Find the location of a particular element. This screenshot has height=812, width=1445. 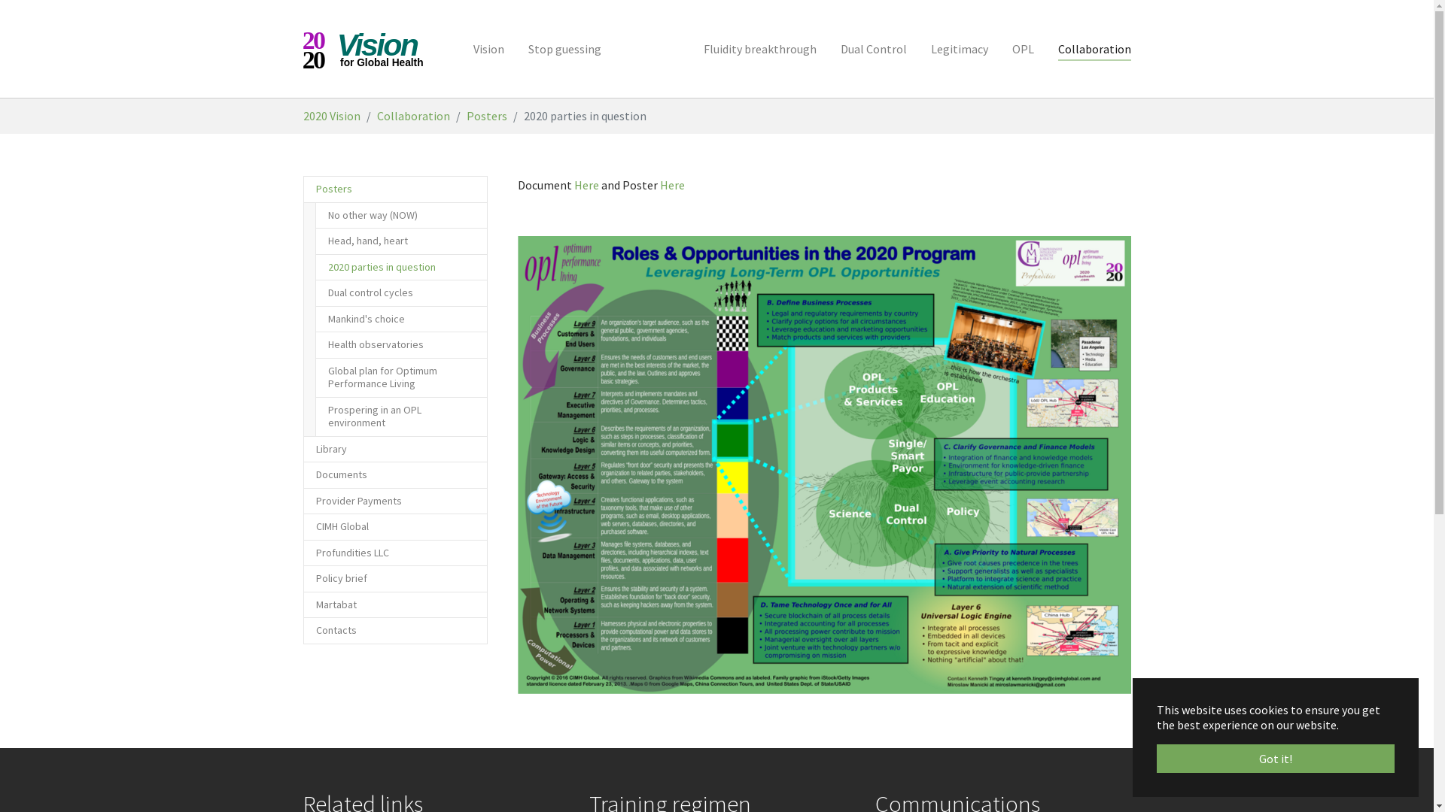

'Library' is located at coordinates (394, 448).